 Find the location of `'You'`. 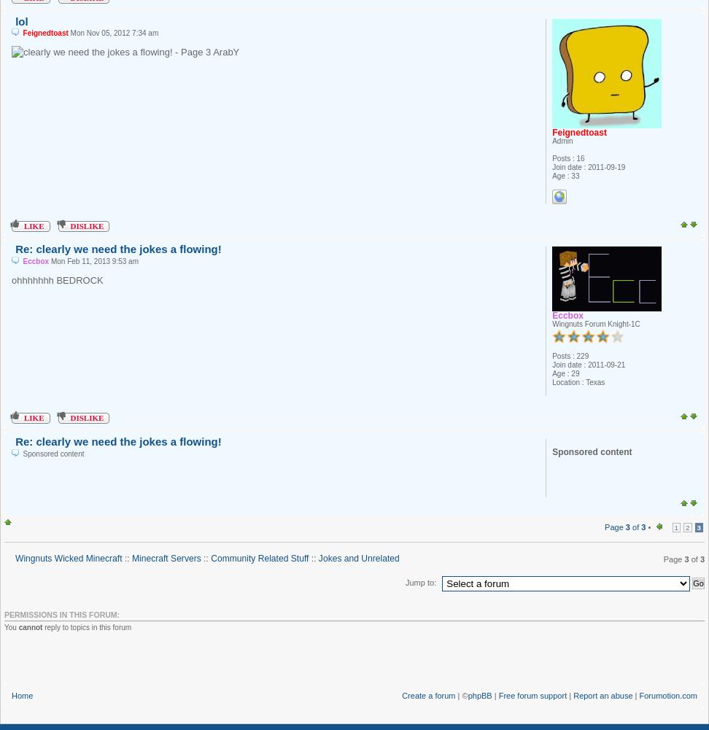

'You' is located at coordinates (11, 627).